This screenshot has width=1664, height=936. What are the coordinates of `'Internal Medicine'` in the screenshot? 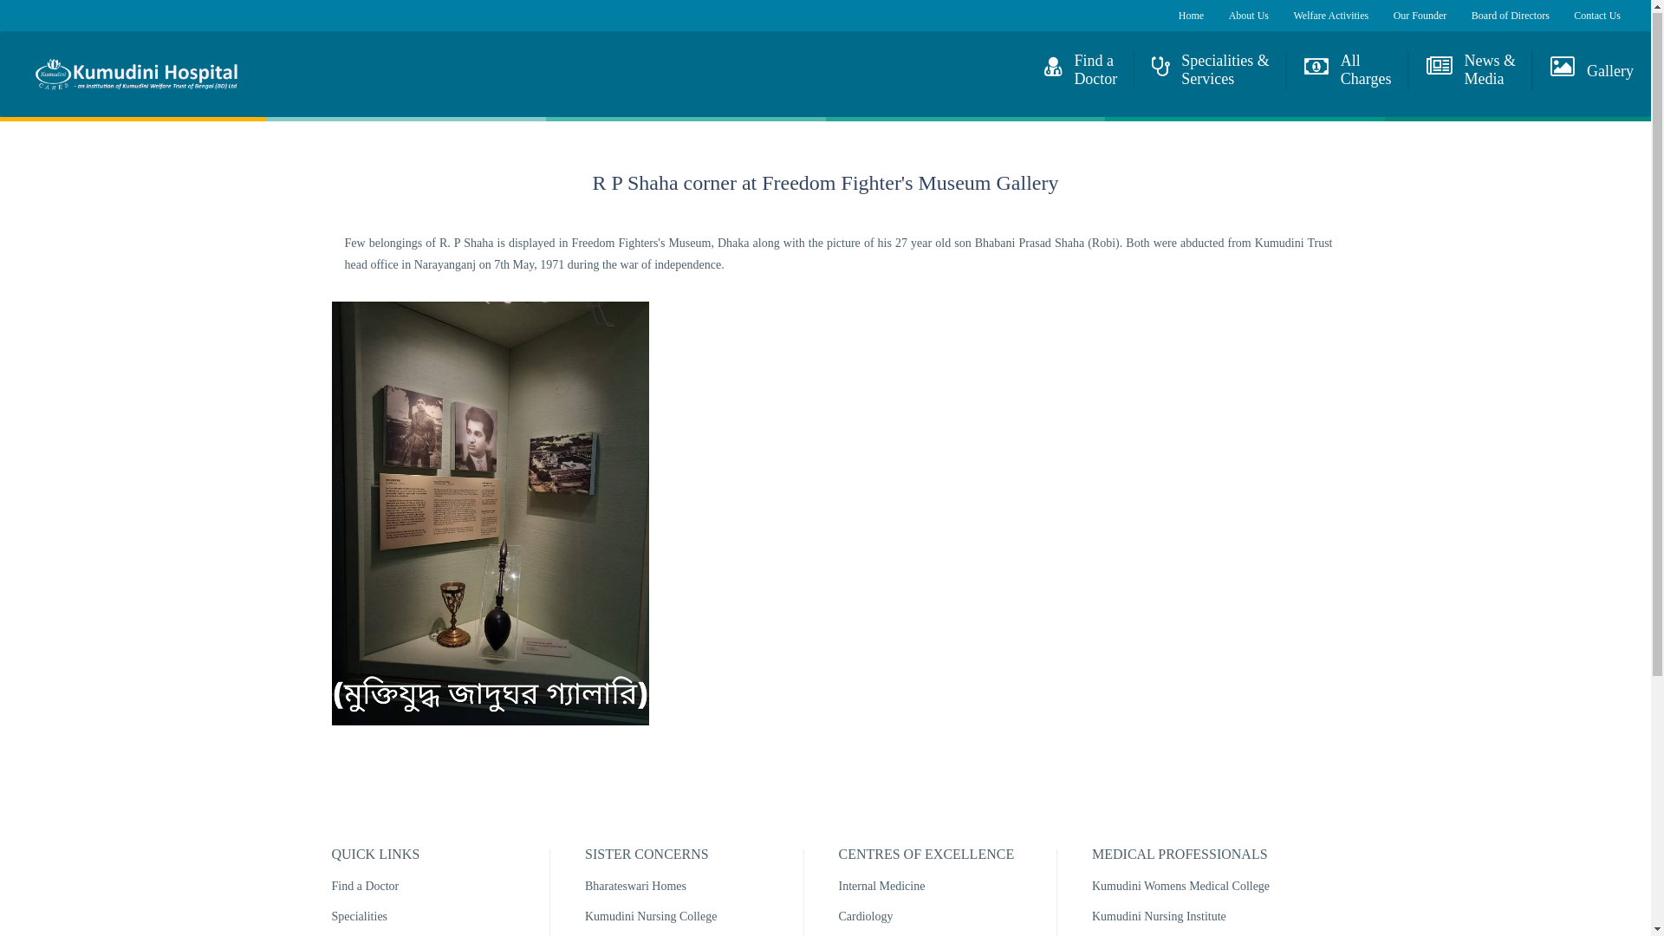 It's located at (839, 887).